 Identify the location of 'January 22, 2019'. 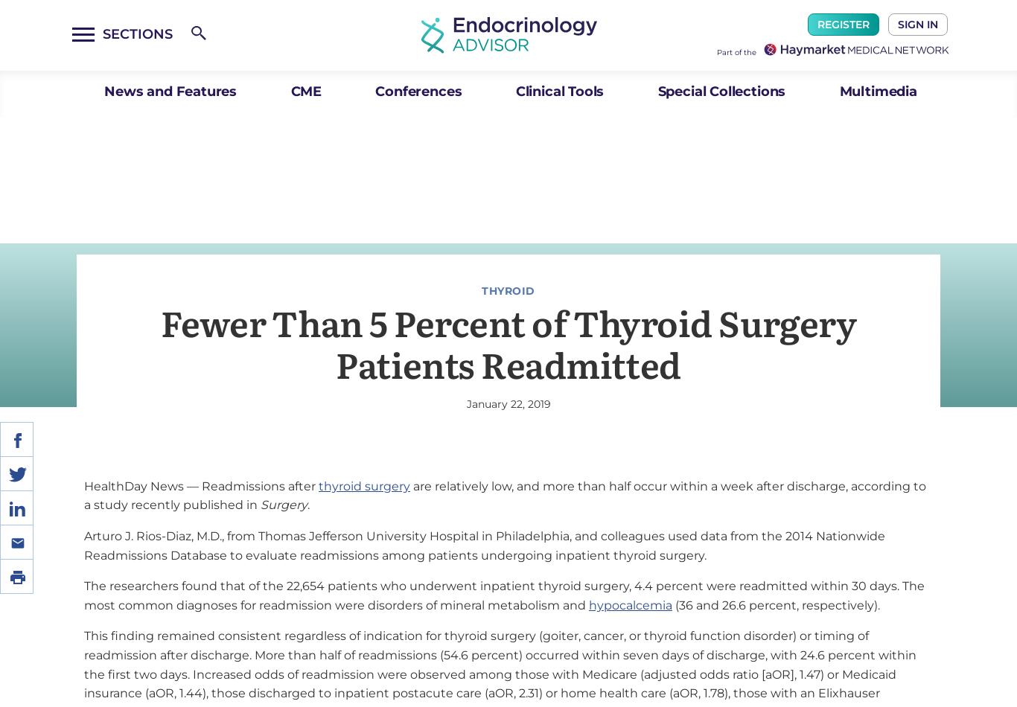
(507, 403).